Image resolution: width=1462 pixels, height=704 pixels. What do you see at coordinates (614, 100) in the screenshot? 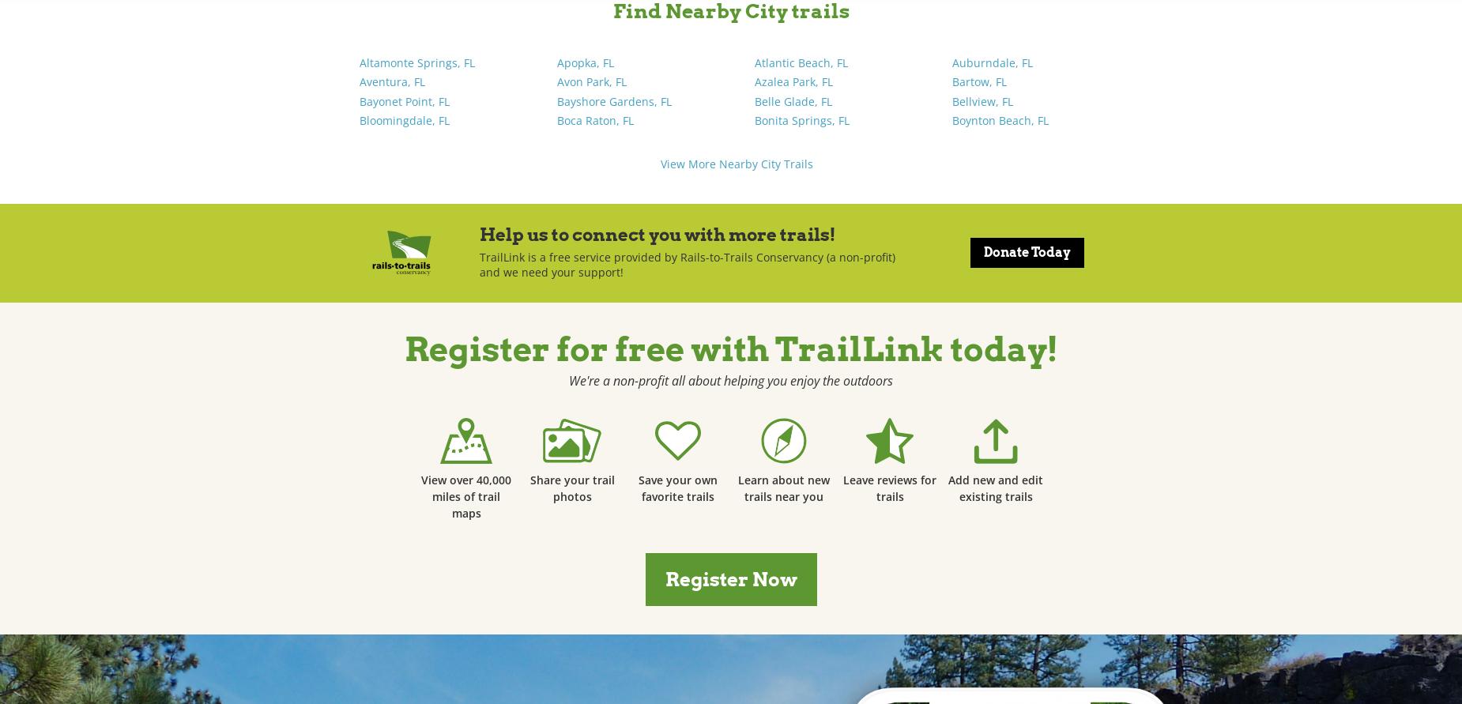
I see `'Bayshore Gardens, FL'` at bounding box center [614, 100].